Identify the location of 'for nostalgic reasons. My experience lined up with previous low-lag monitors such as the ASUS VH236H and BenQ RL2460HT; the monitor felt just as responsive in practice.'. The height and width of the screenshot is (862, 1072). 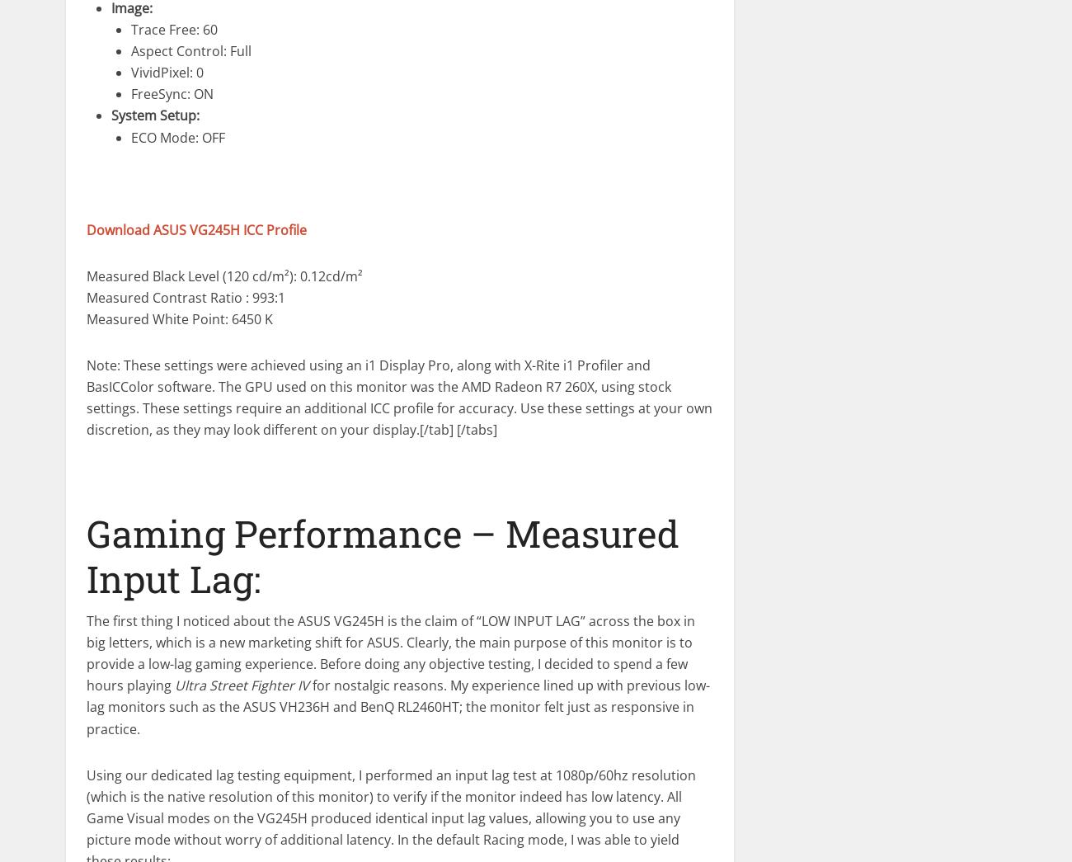
(397, 706).